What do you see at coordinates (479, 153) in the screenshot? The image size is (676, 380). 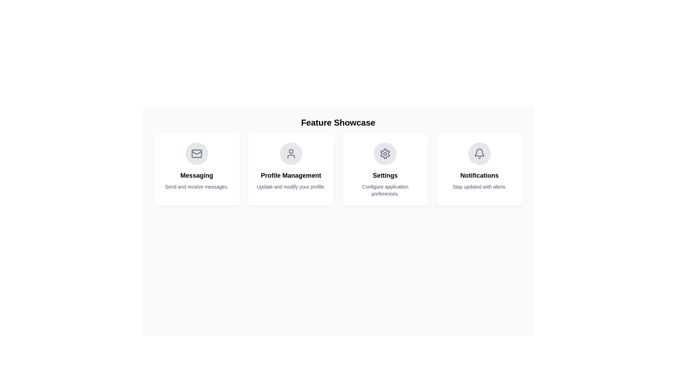 I see `the bell icon located in the center of the circular button on the 'Notifications' feature card, which is the fourth card in the row of the 'Feature Showcase' layout` at bounding box center [479, 153].